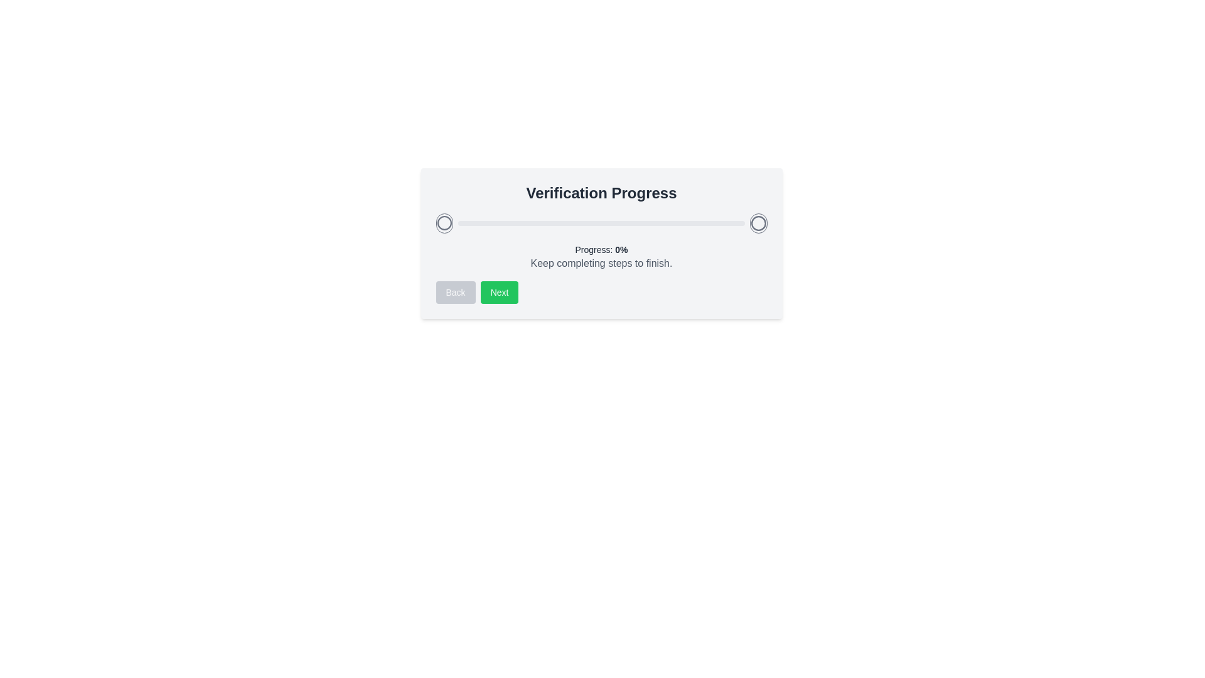 The width and height of the screenshot is (1205, 678). I want to click on the Progress Bar element in the 'Verification Progress' section, which is centrally placed below the title and spans nearly the entire width of the dialog box, so click(601, 222).